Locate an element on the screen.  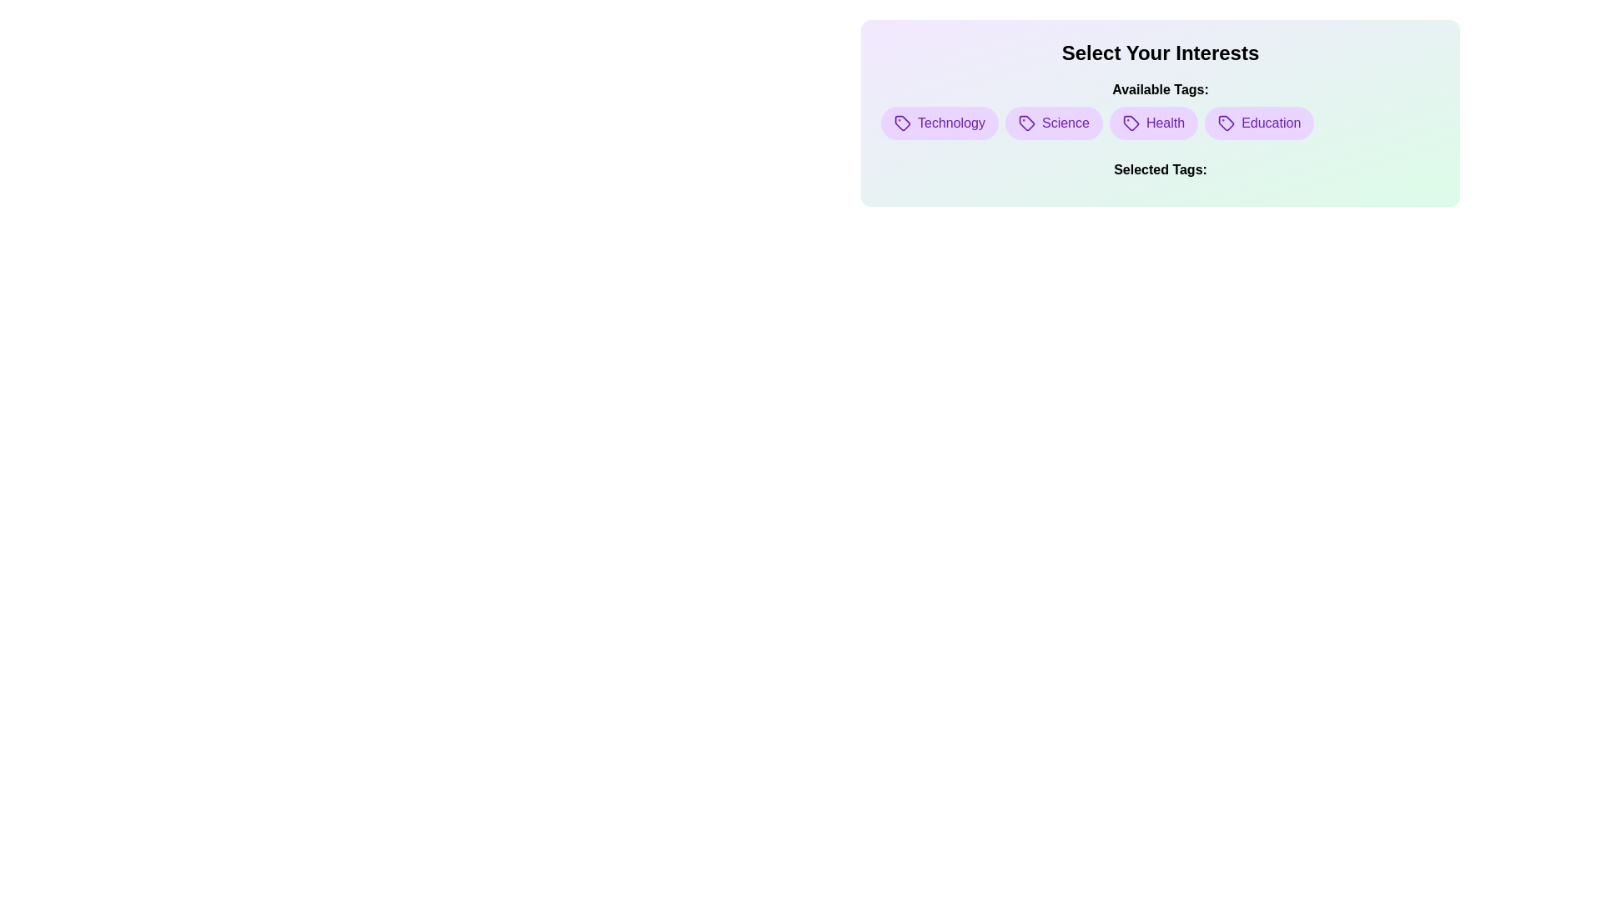
the 'Science' tag button, which has a light purple background and a purple text label is located at coordinates (1053, 122).